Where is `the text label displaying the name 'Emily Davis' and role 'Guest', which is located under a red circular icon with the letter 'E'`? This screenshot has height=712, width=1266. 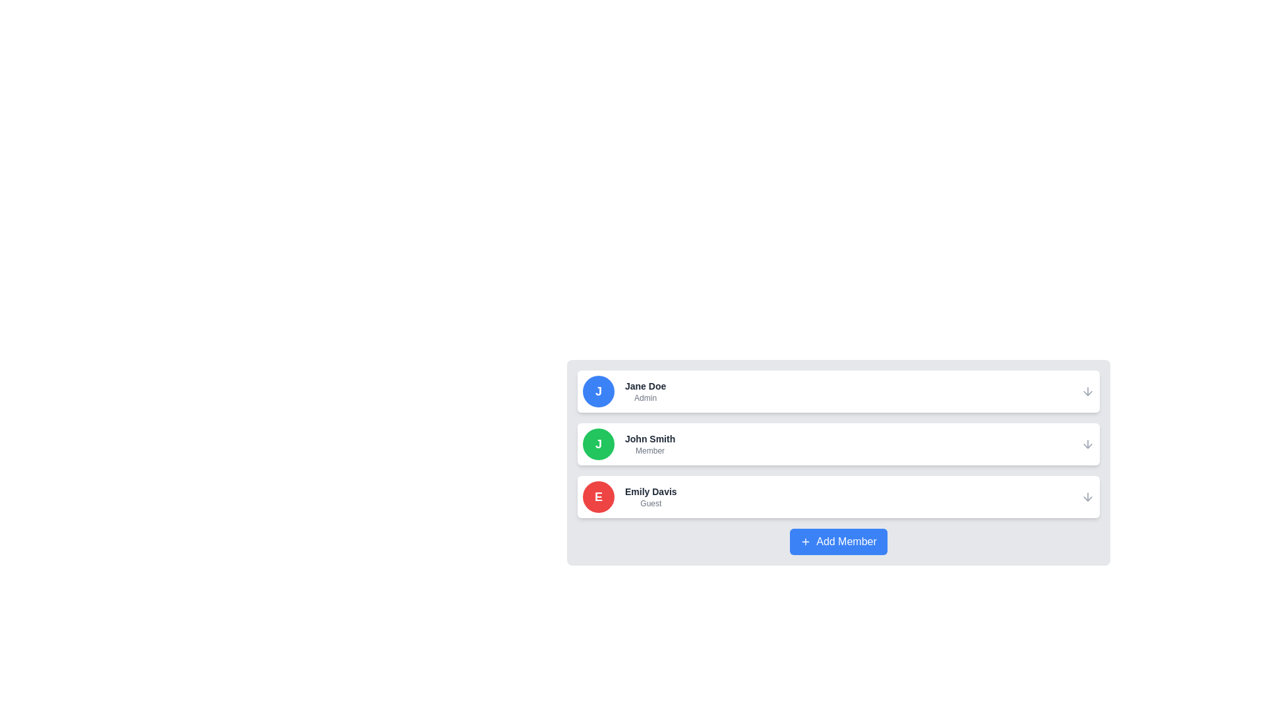
the text label displaying the name 'Emily Davis' and role 'Guest', which is located under a red circular icon with the letter 'E' is located at coordinates (651, 496).